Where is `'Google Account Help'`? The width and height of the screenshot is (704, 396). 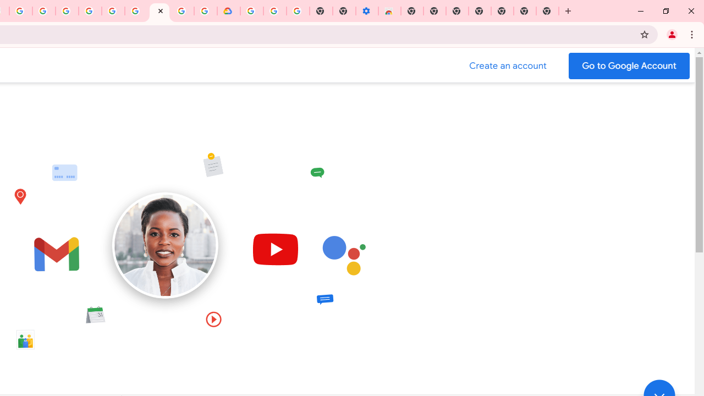 'Google Account Help' is located at coordinates (274, 11).